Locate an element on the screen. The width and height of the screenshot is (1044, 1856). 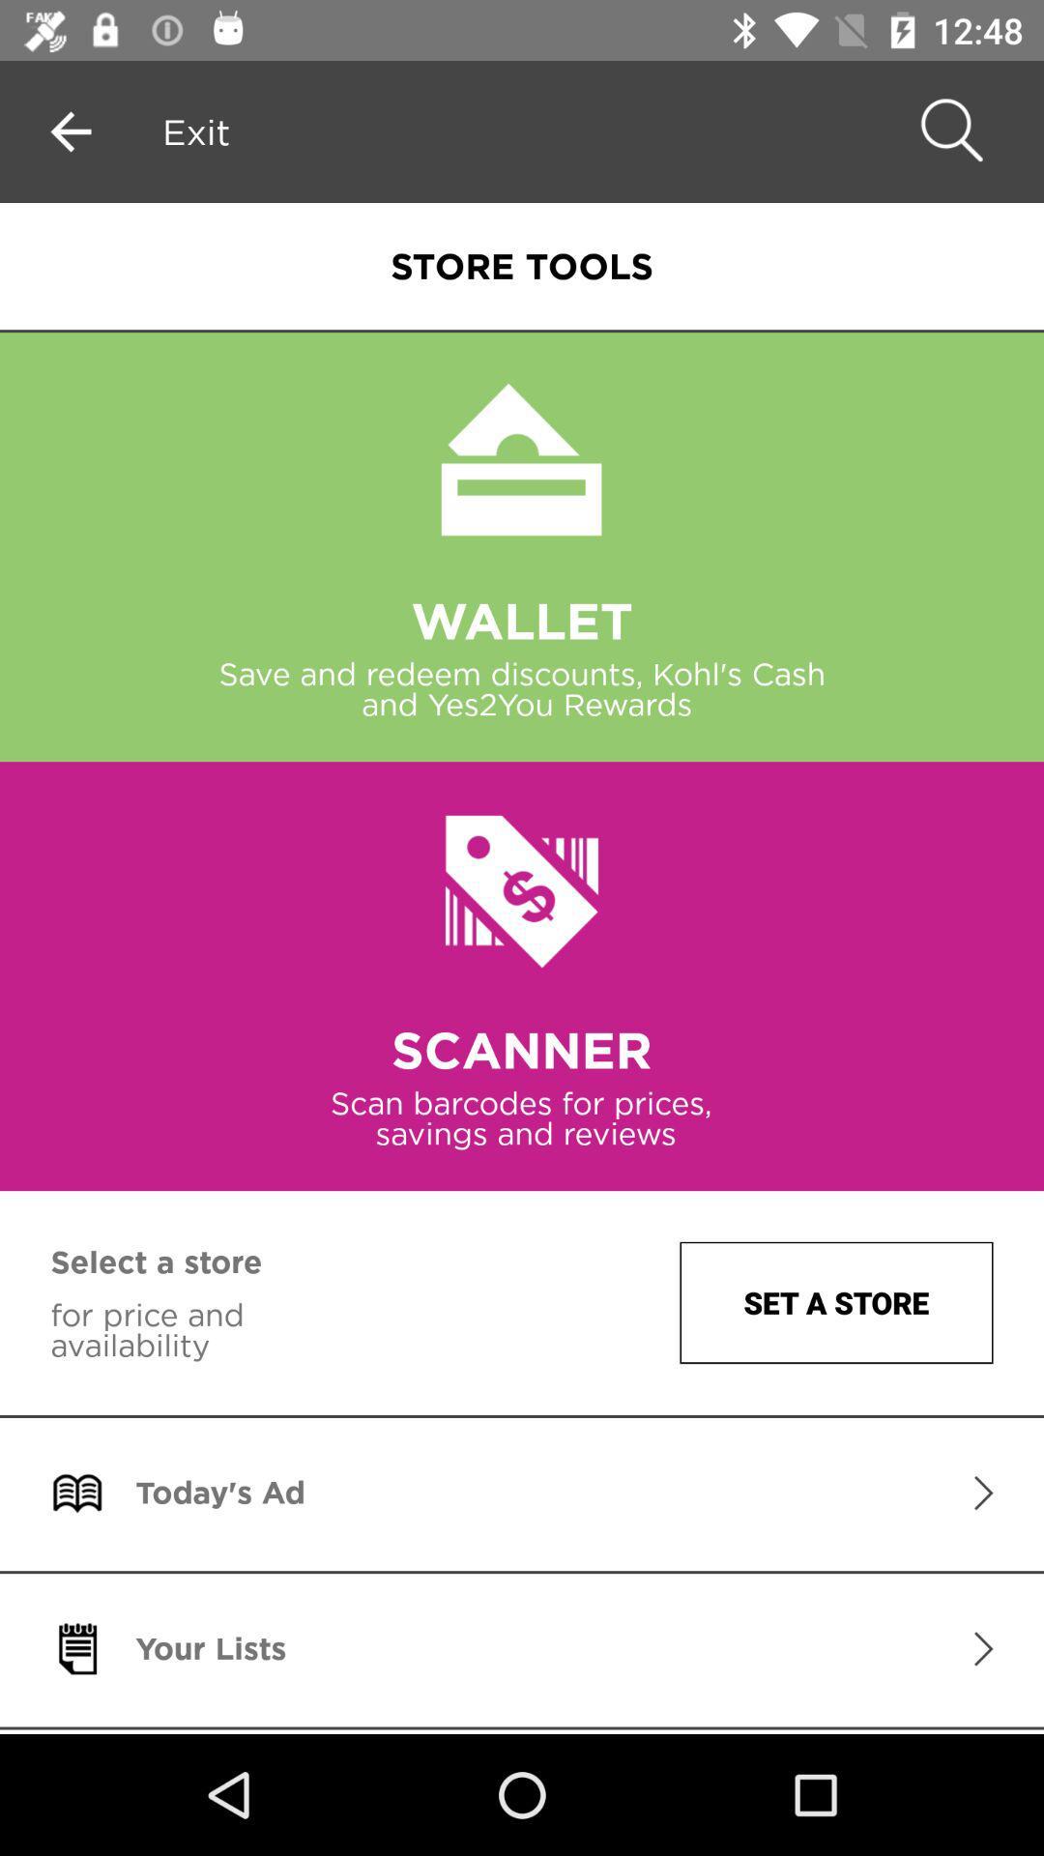
the item next to store tools icon is located at coordinates (196, 130).